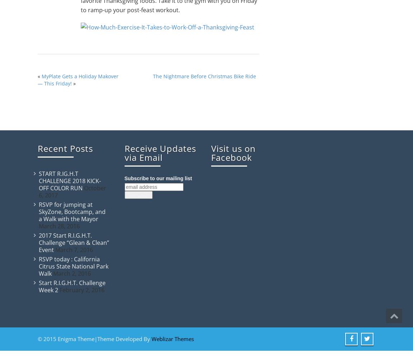 The width and height of the screenshot is (413, 359). What do you see at coordinates (38, 286) in the screenshot?
I see `'Start R.I.G.H.T. Challenge Week 2'` at bounding box center [38, 286].